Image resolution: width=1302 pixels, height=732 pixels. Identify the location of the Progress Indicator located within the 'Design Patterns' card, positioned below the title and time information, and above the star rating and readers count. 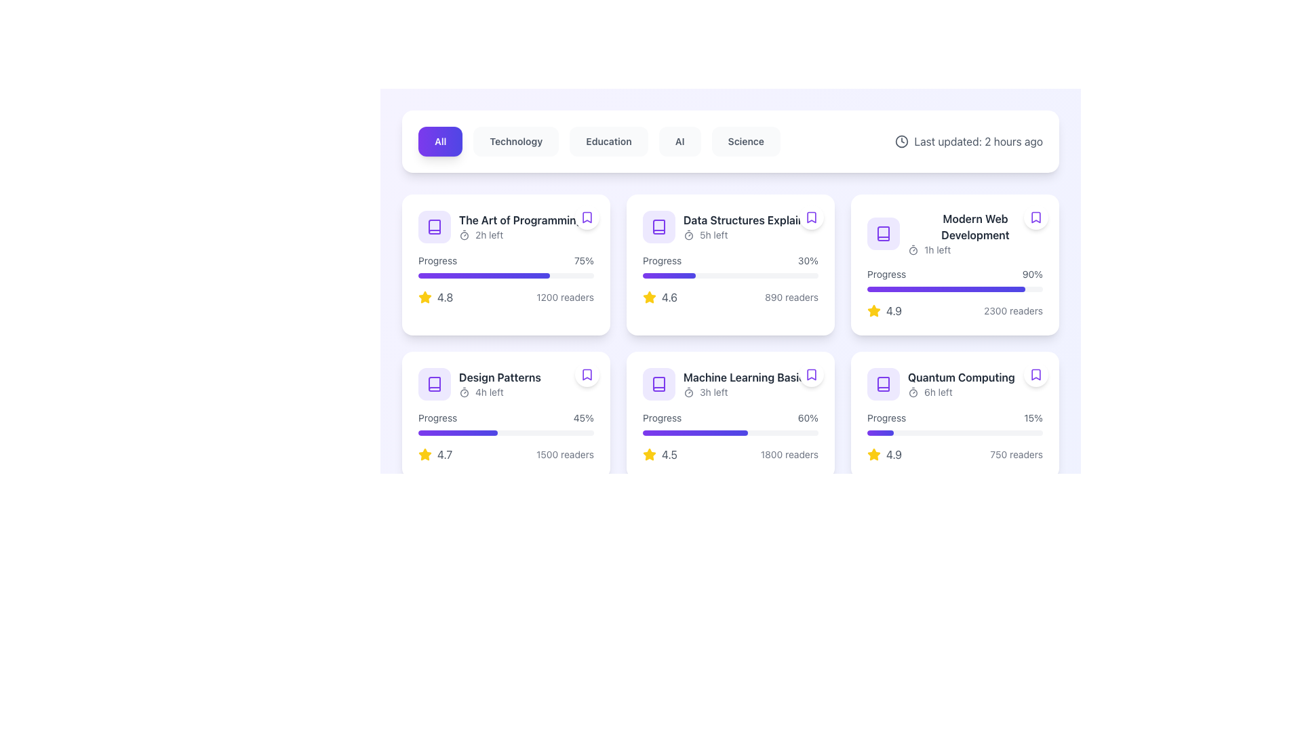
(505, 422).